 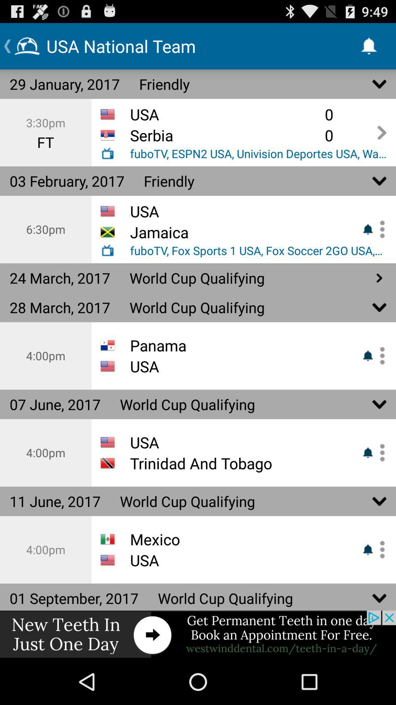 I want to click on subscribe, so click(x=379, y=550).